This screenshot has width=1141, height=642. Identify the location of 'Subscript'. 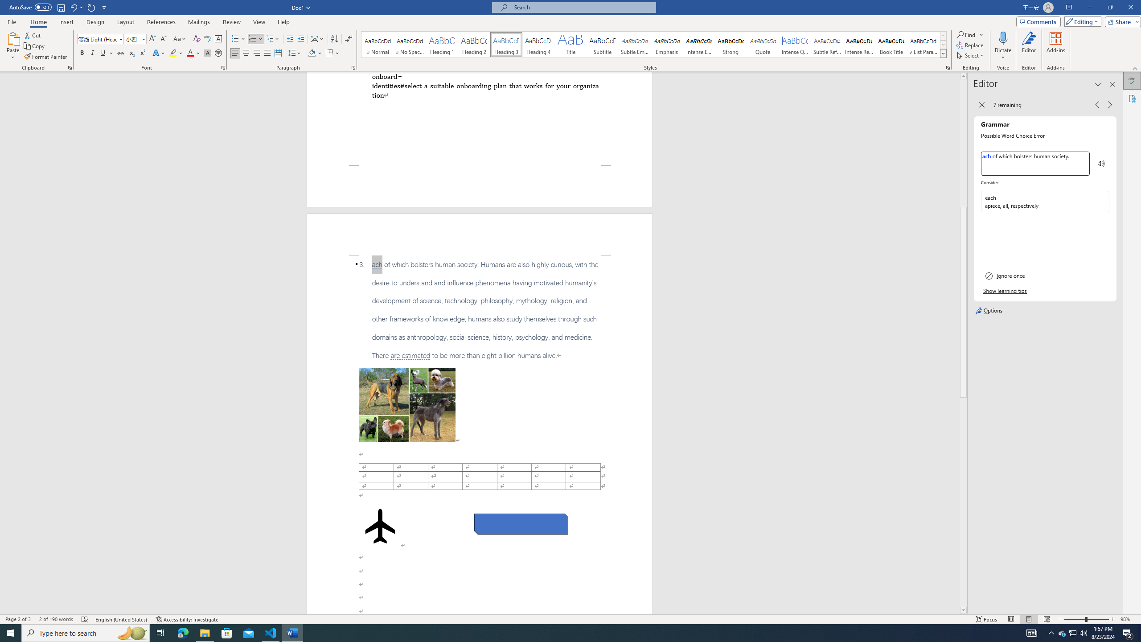
(131, 53).